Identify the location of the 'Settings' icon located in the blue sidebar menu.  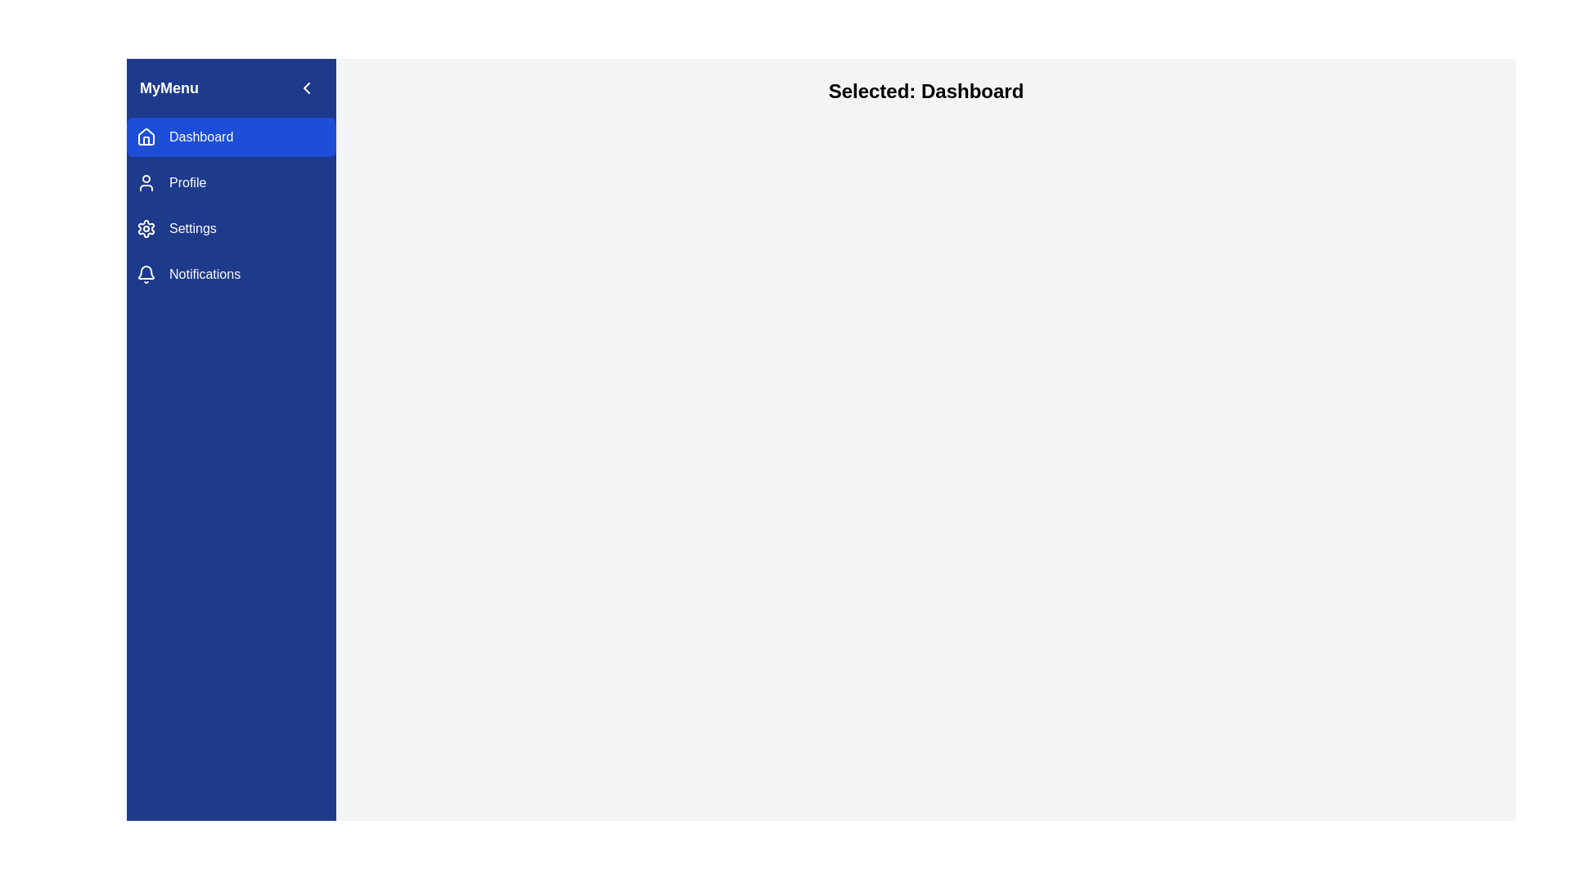
(146, 229).